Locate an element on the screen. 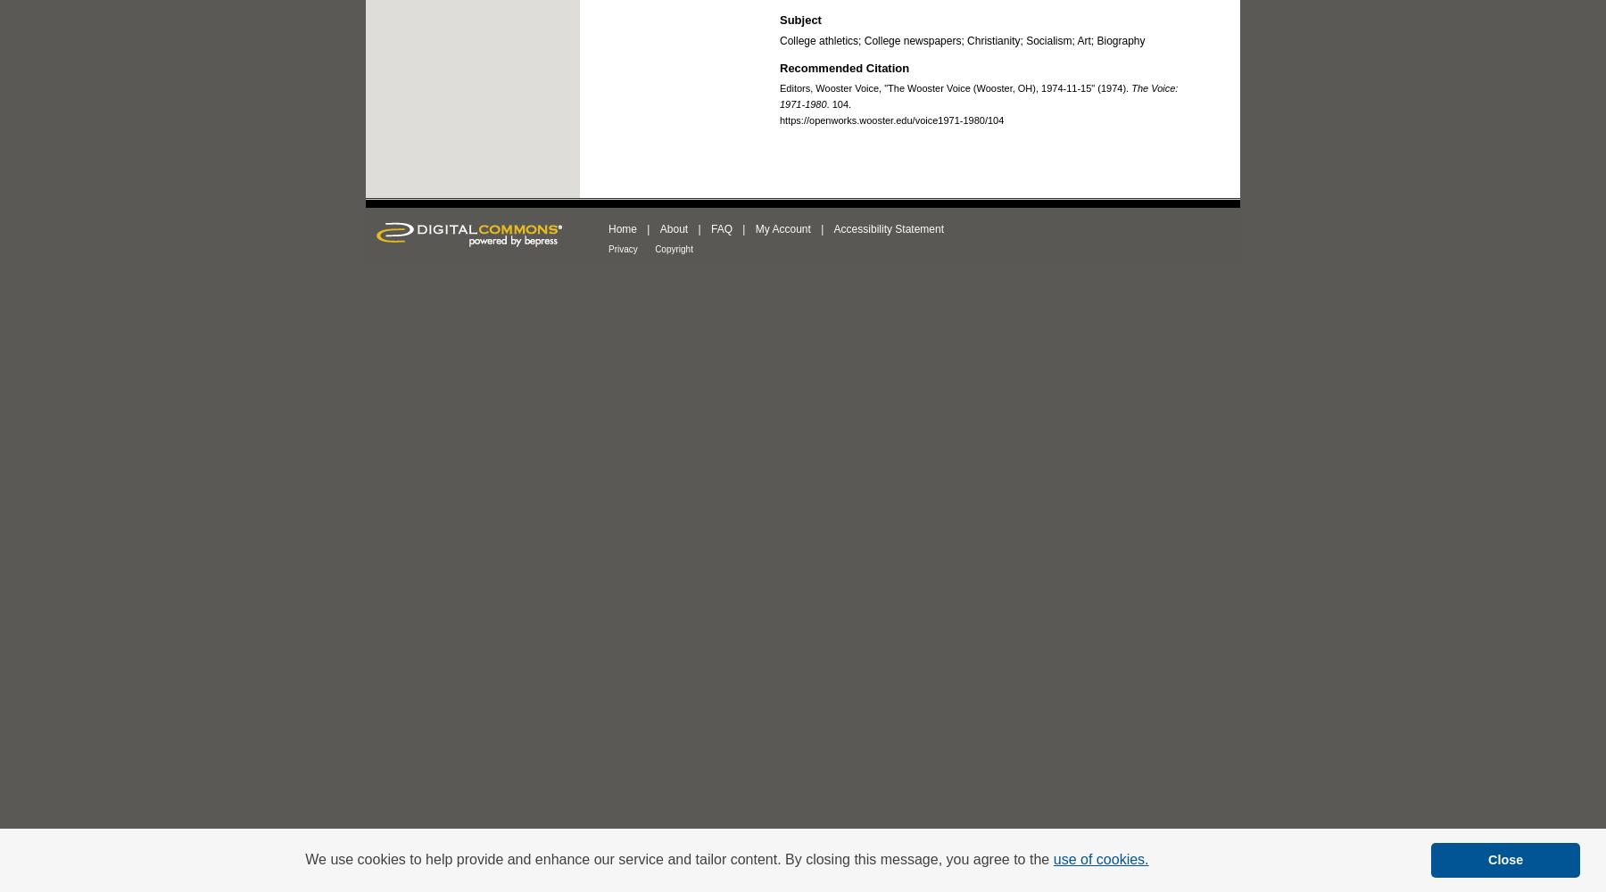 This screenshot has width=1606, height=892. 'use of cookies.' is located at coordinates (1099, 858).